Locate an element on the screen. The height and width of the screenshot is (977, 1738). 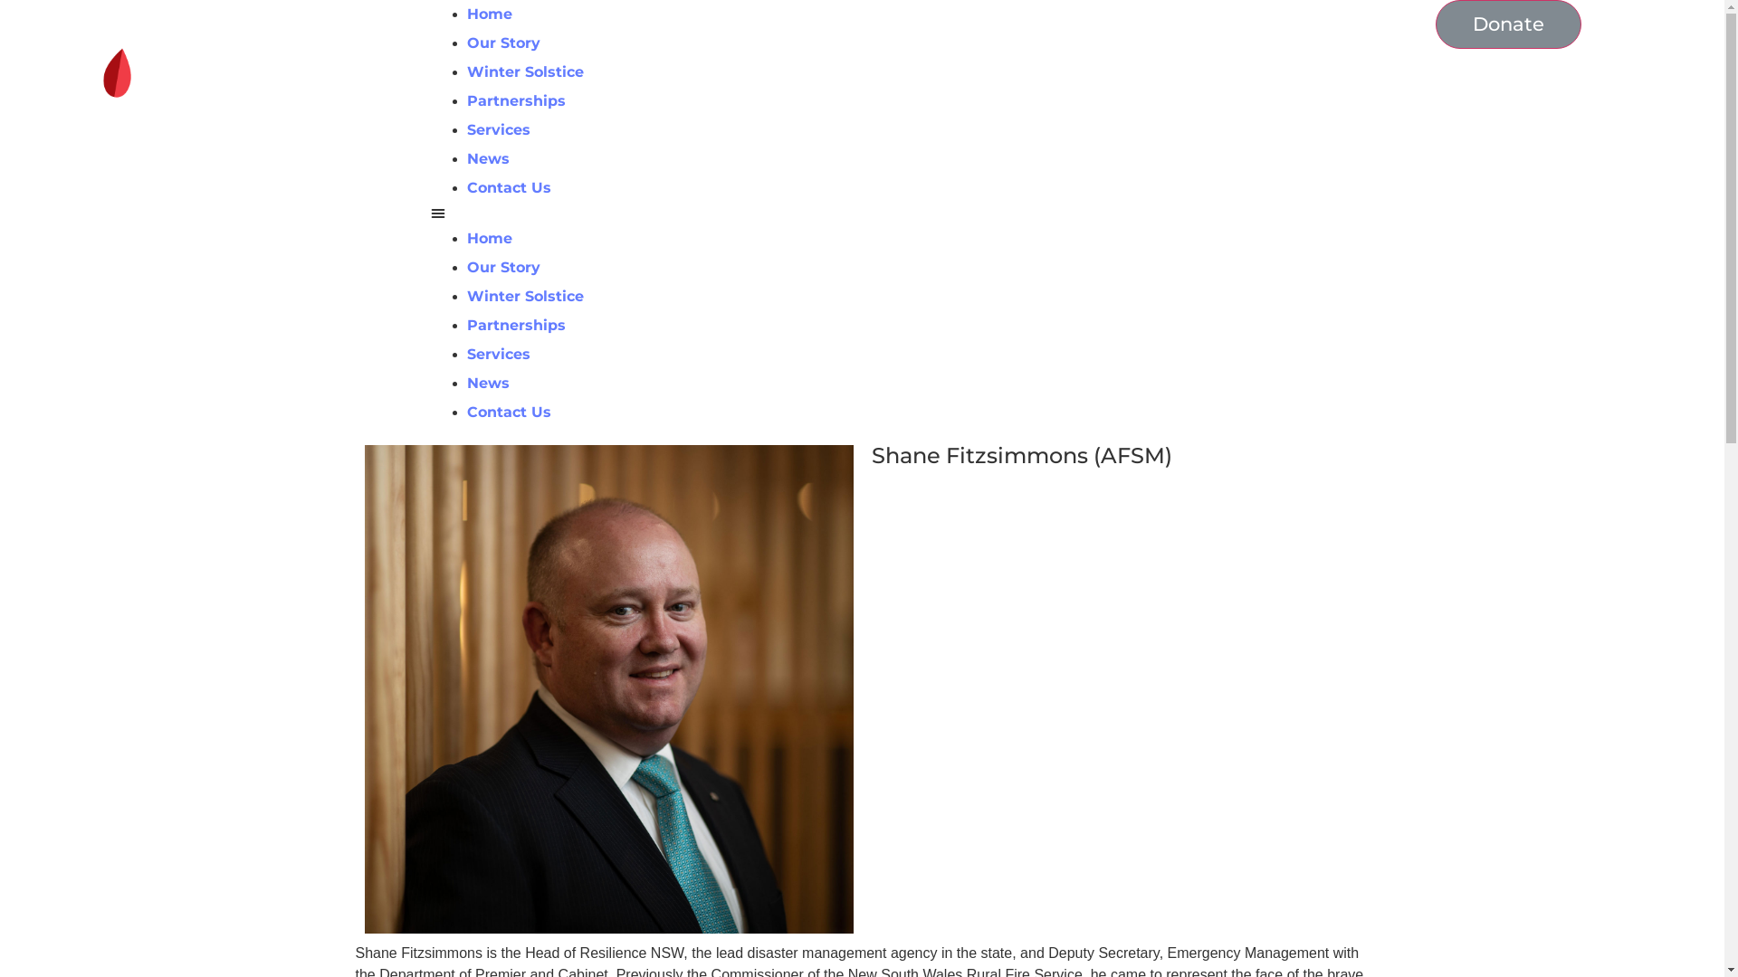
'Home' is located at coordinates (490, 237).